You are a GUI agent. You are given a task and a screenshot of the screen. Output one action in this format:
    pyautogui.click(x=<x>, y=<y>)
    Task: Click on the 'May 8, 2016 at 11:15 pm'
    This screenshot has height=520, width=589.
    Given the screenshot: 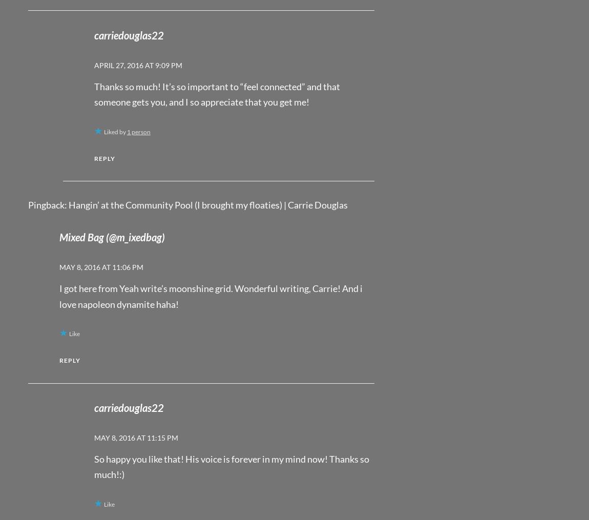 What is the action you would take?
    pyautogui.click(x=135, y=438)
    